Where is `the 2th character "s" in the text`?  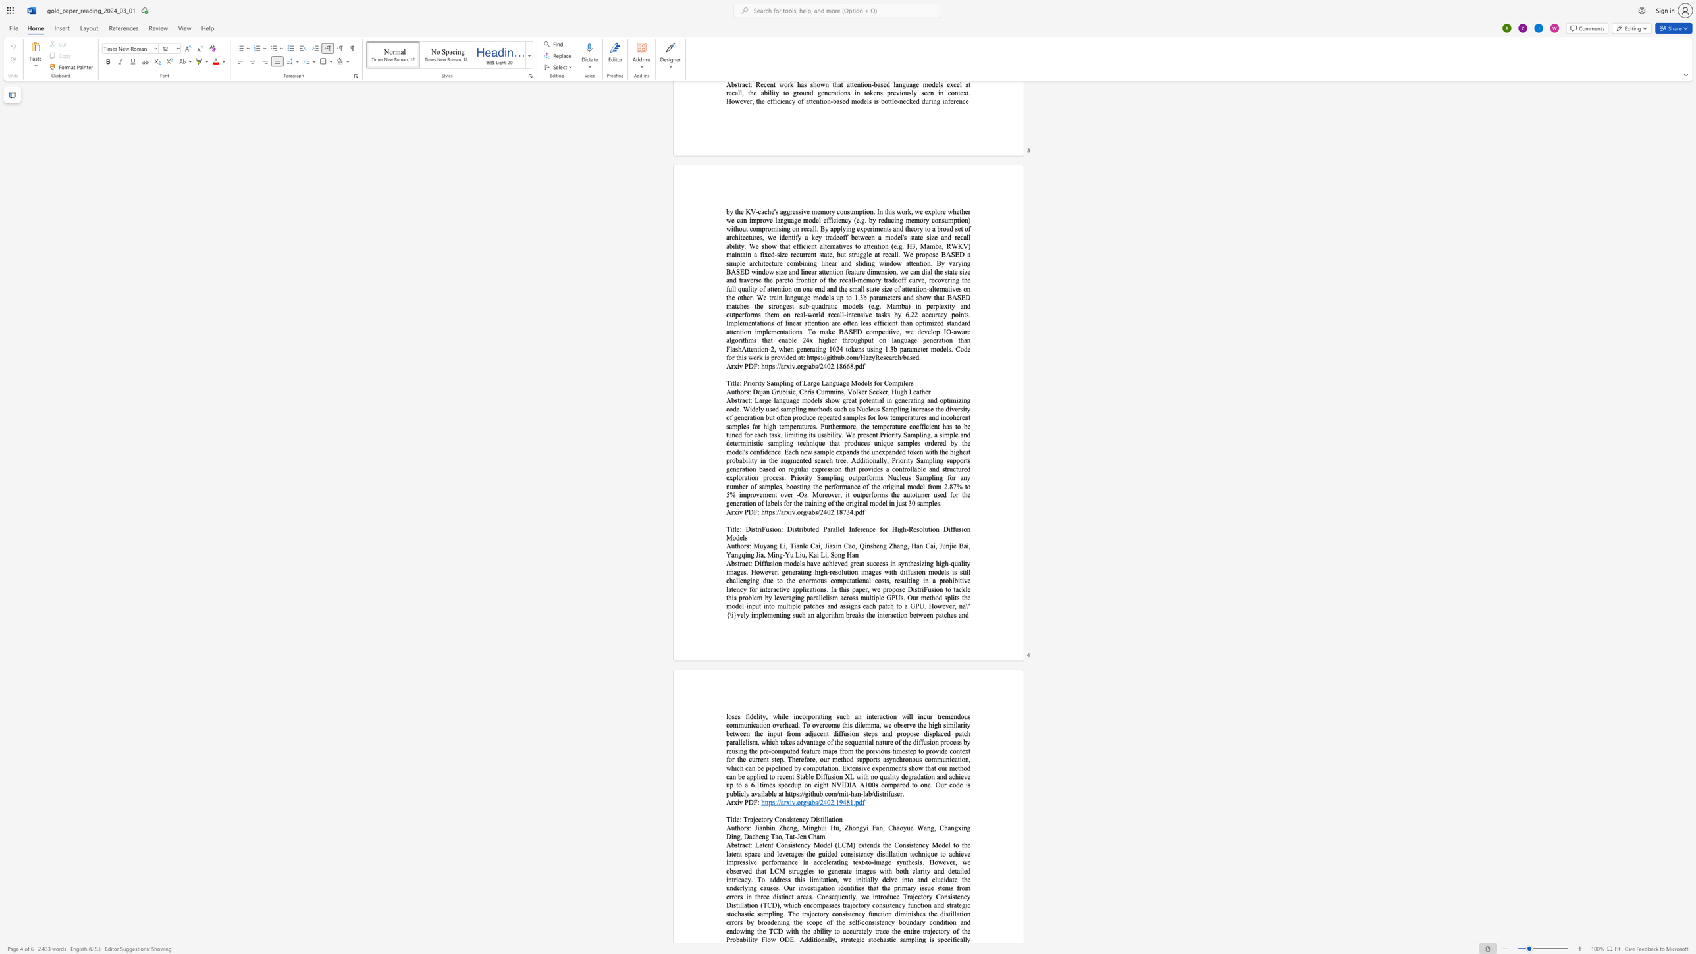 the 2th character "s" in the text is located at coordinates (815, 511).